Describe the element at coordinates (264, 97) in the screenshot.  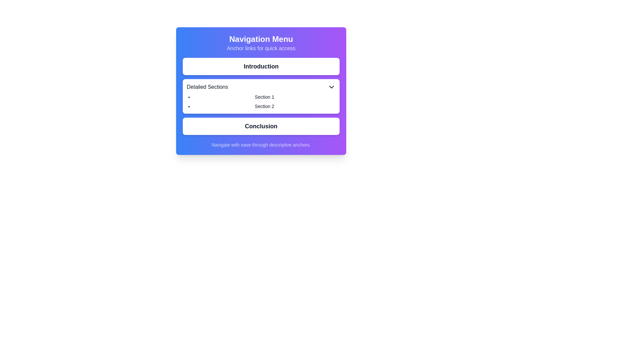
I see `the first list item hyperlink in the 'Detailed Sections' navigation menu` at that location.